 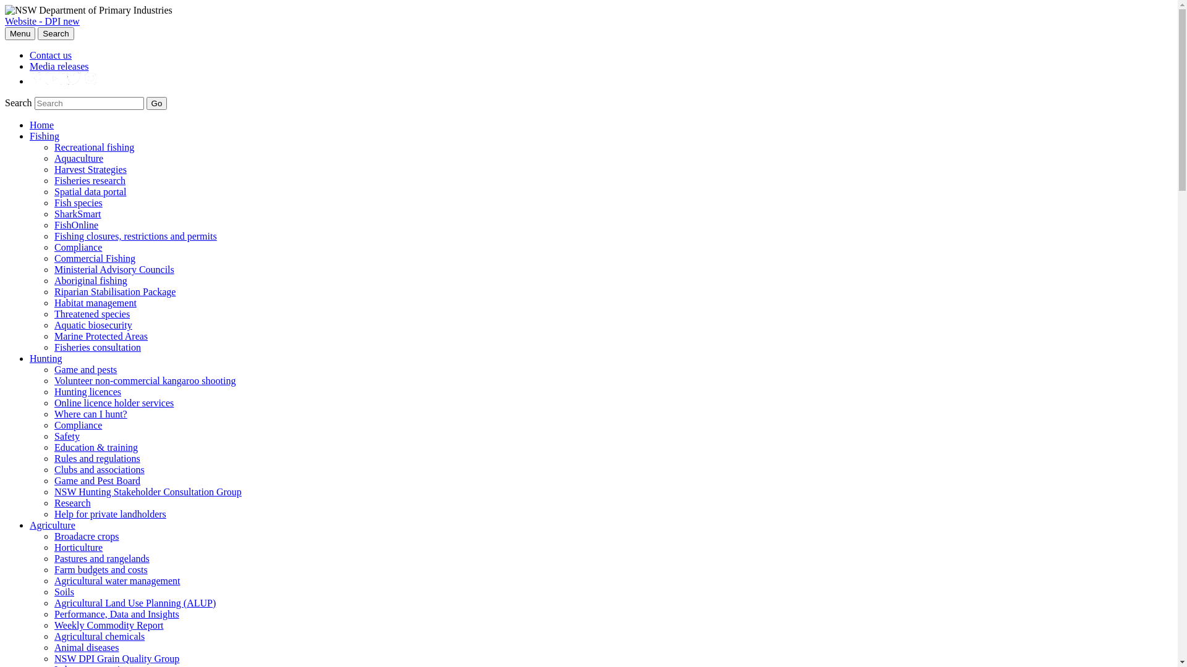 I want to click on 'Commercial Fishing', so click(x=94, y=258).